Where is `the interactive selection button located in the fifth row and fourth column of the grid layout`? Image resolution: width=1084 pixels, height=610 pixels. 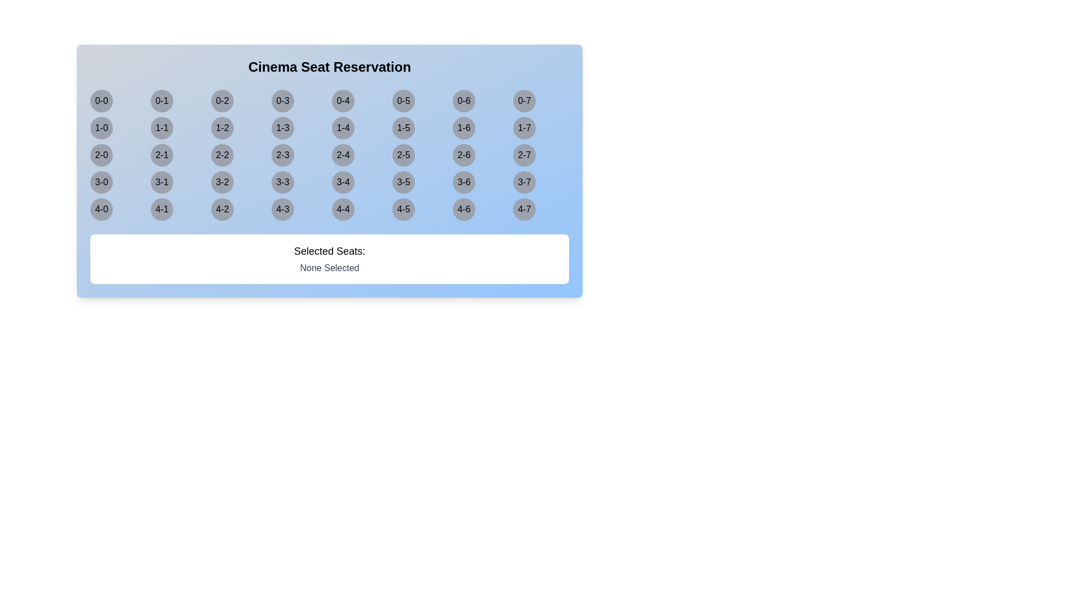 the interactive selection button located in the fifth row and fourth column of the grid layout is located at coordinates (282, 209).